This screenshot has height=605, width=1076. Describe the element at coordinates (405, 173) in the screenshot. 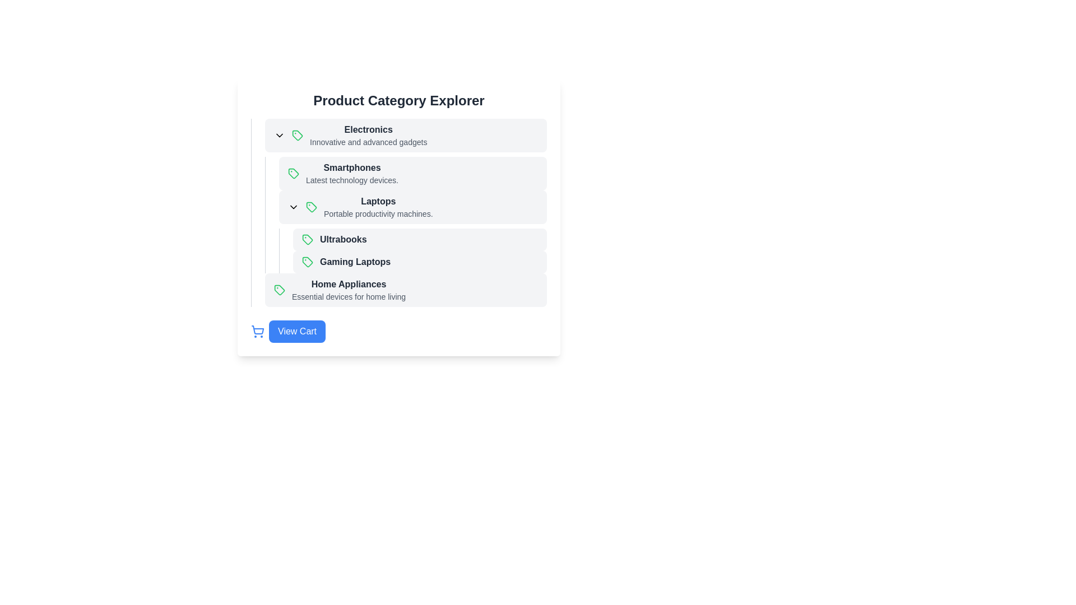

I see `the category entry titled 'Smartphones', which is the second item in the list below 'Electronics' and above 'Laptops'` at that location.